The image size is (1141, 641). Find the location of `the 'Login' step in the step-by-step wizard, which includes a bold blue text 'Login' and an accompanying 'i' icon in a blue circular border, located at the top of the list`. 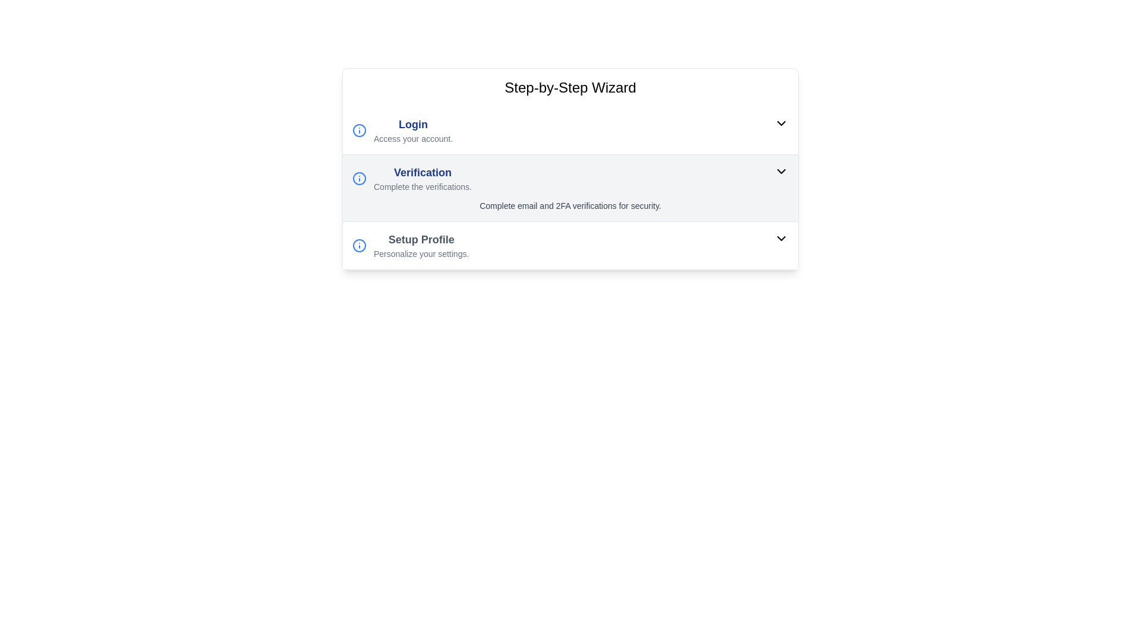

the 'Login' step in the step-by-step wizard, which includes a bold blue text 'Login' and an accompanying 'i' icon in a blue circular border, located at the top of the list is located at coordinates (402, 130).